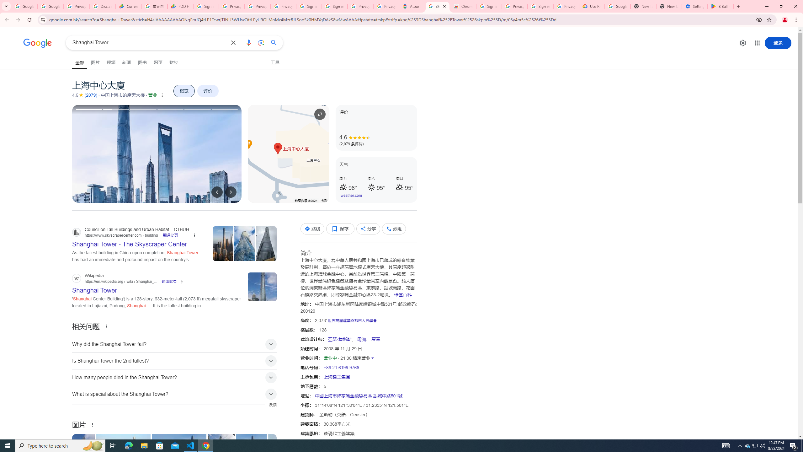 The height and width of the screenshot is (452, 803). Describe the element at coordinates (308, 6) in the screenshot. I see `'Sign in - Google Accounts'` at that location.